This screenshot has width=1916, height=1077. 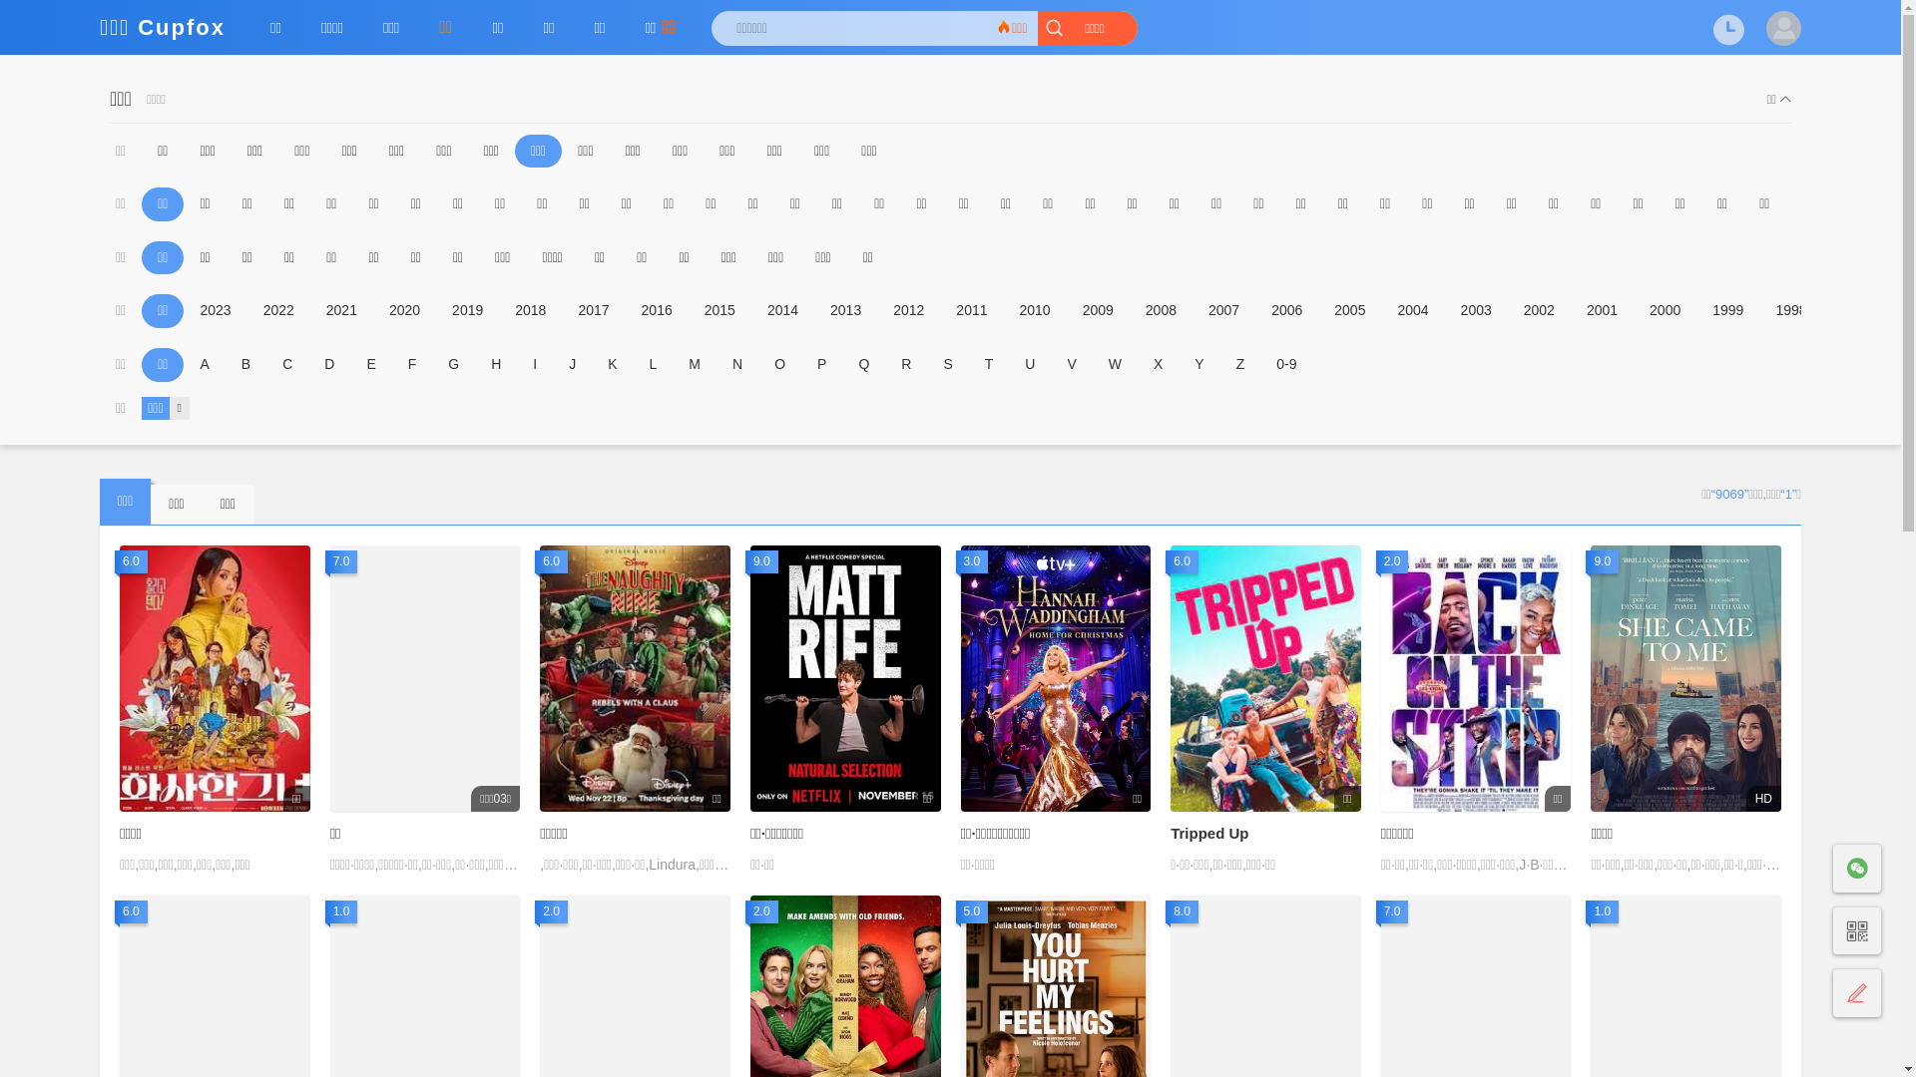 I want to click on 'N', so click(x=736, y=365).